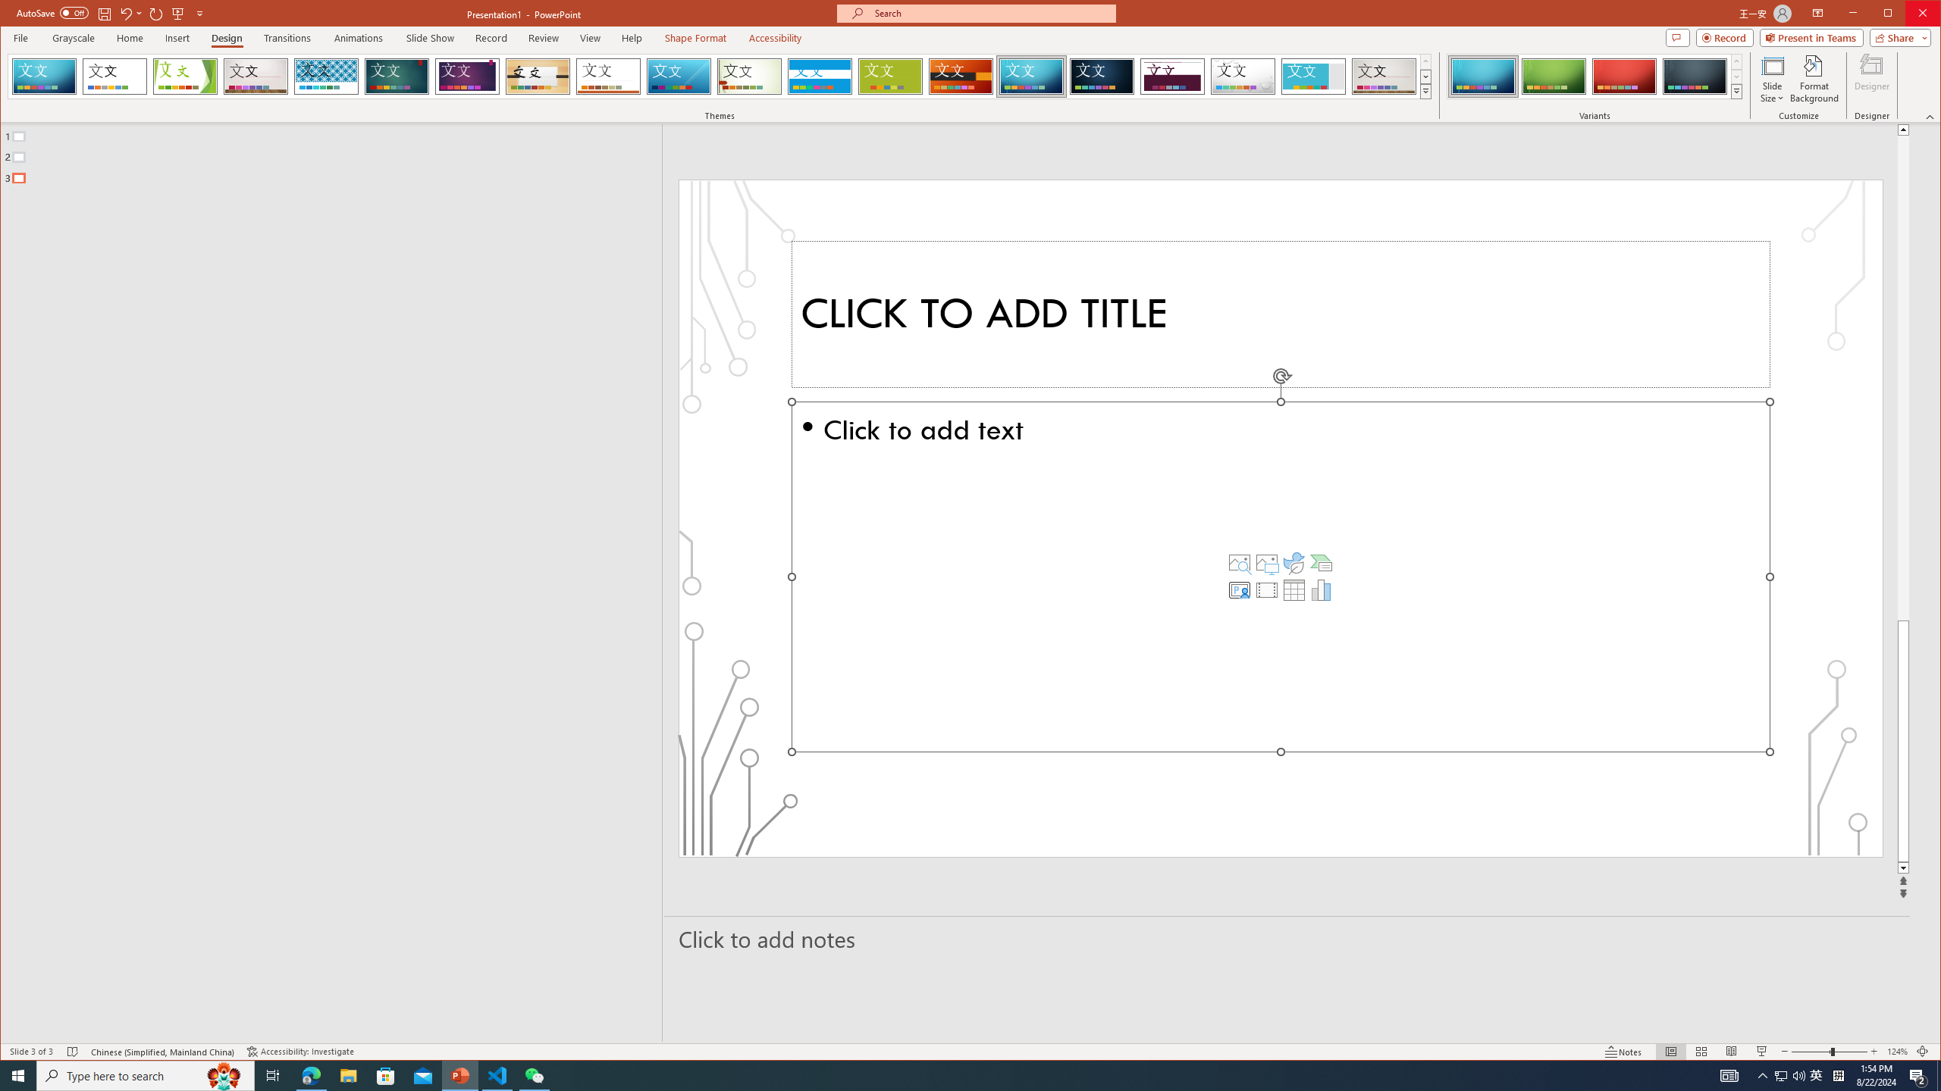 The width and height of the screenshot is (1941, 1091). I want to click on 'Spell Check No Errors', so click(74, 1051).